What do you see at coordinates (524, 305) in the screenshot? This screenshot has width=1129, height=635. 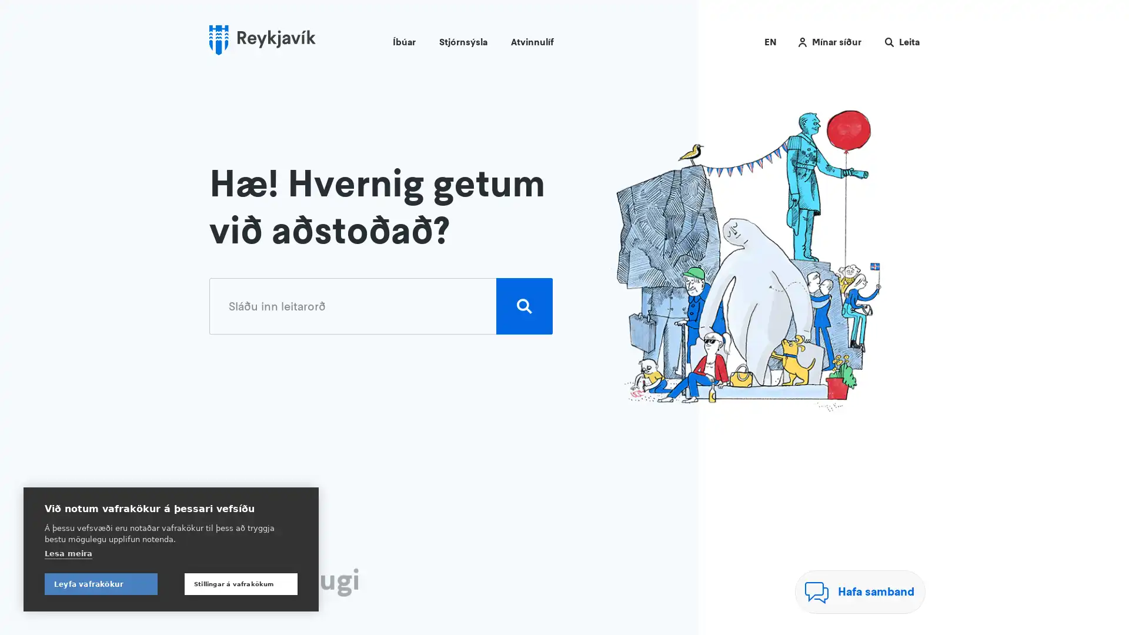 I see `Leita` at bounding box center [524, 305].